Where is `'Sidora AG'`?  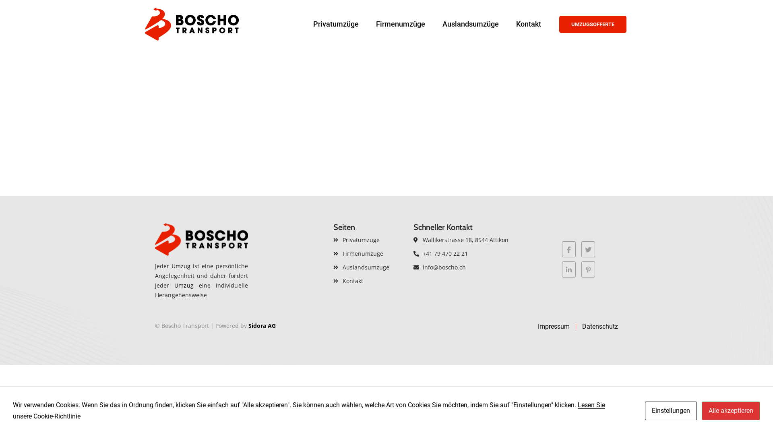 'Sidora AG' is located at coordinates (262, 325).